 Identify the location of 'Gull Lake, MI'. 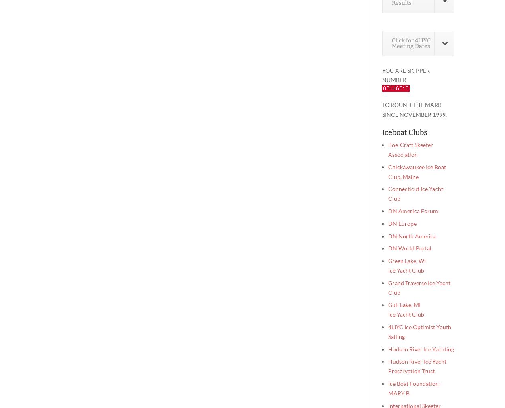
(388, 304).